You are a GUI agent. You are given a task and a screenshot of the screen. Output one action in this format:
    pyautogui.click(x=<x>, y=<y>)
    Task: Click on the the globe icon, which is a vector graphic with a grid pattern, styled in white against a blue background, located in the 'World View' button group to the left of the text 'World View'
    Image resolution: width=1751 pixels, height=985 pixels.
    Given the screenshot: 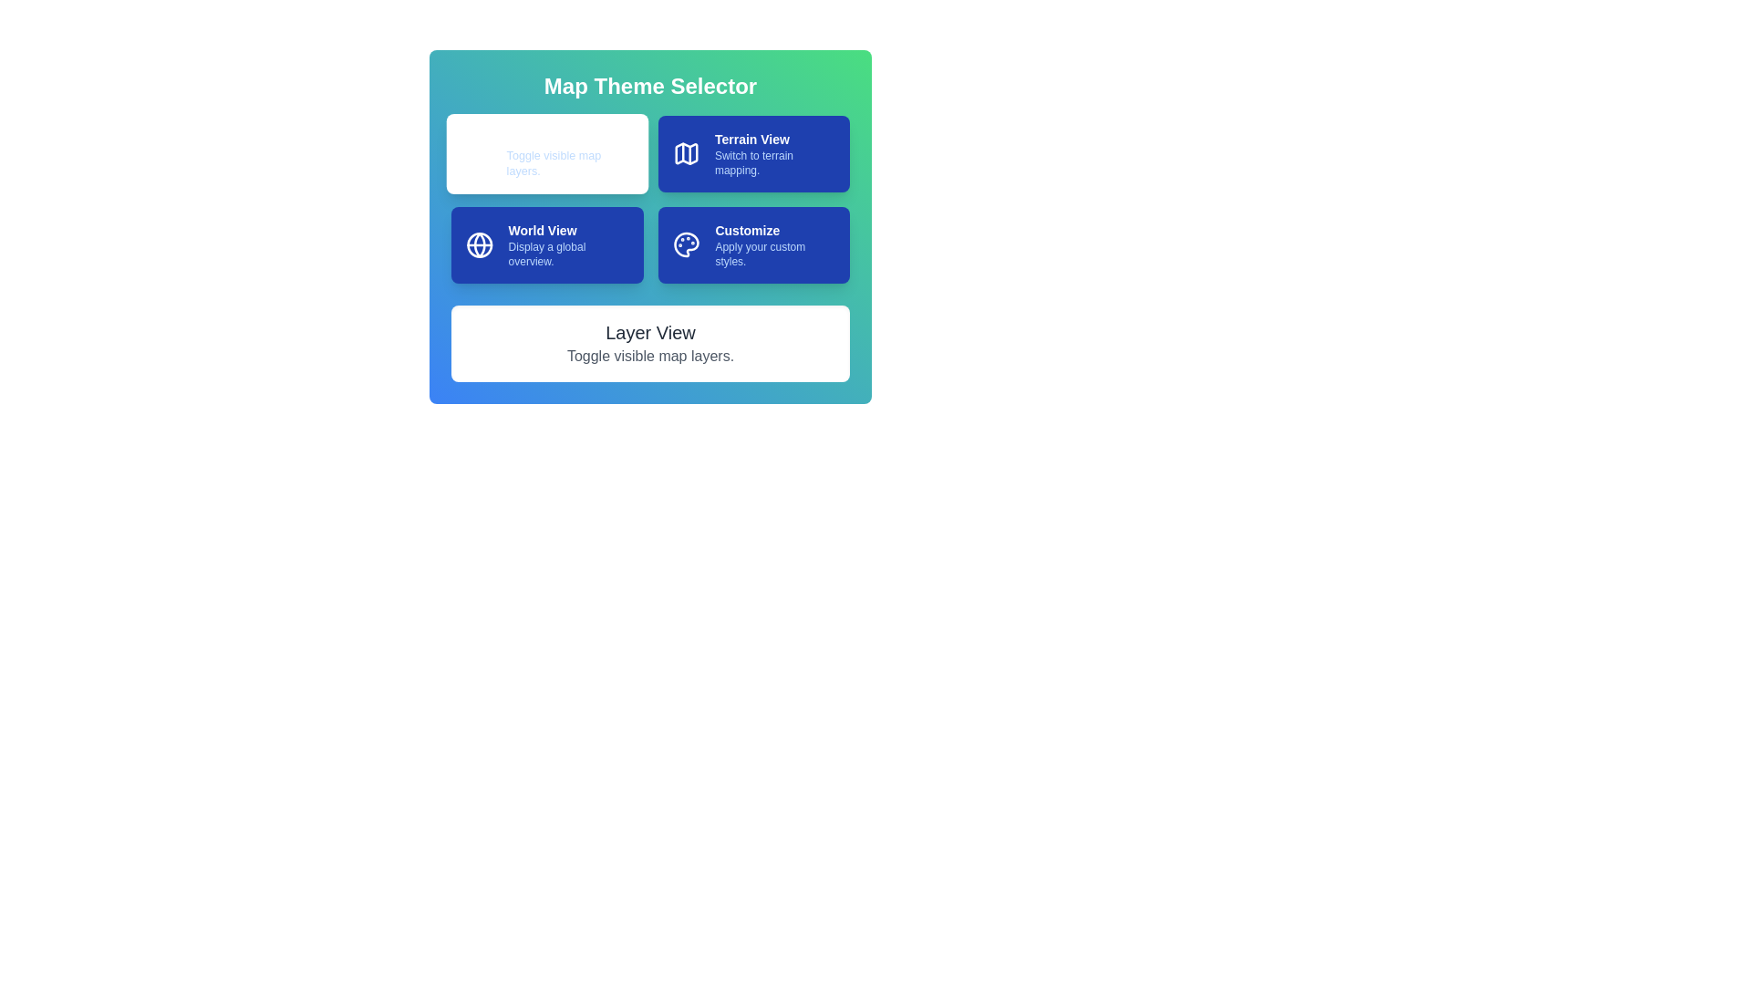 What is the action you would take?
    pyautogui.click(x=480, y=244)
    